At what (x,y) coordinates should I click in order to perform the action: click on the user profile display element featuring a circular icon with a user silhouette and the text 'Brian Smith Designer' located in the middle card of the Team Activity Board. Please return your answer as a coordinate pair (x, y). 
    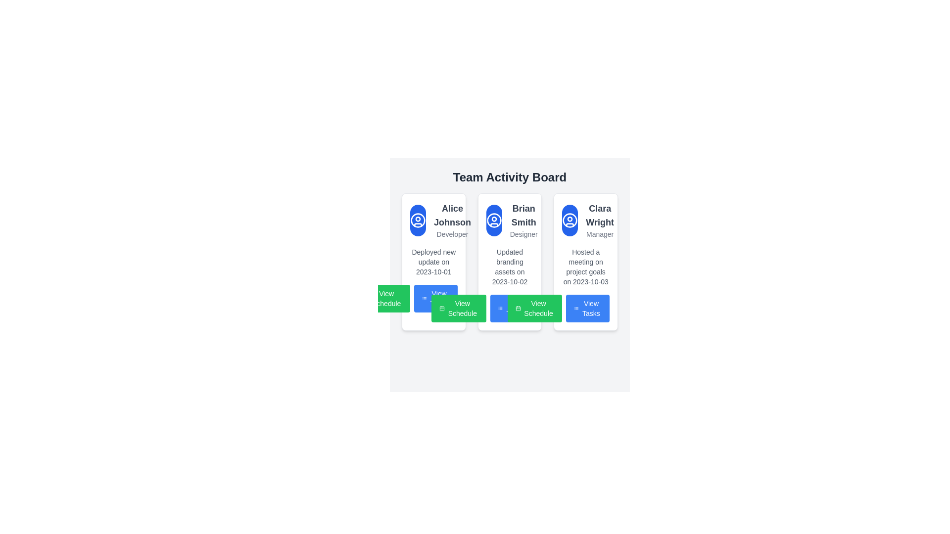
    Looking at the image, I should click on (510, 220).